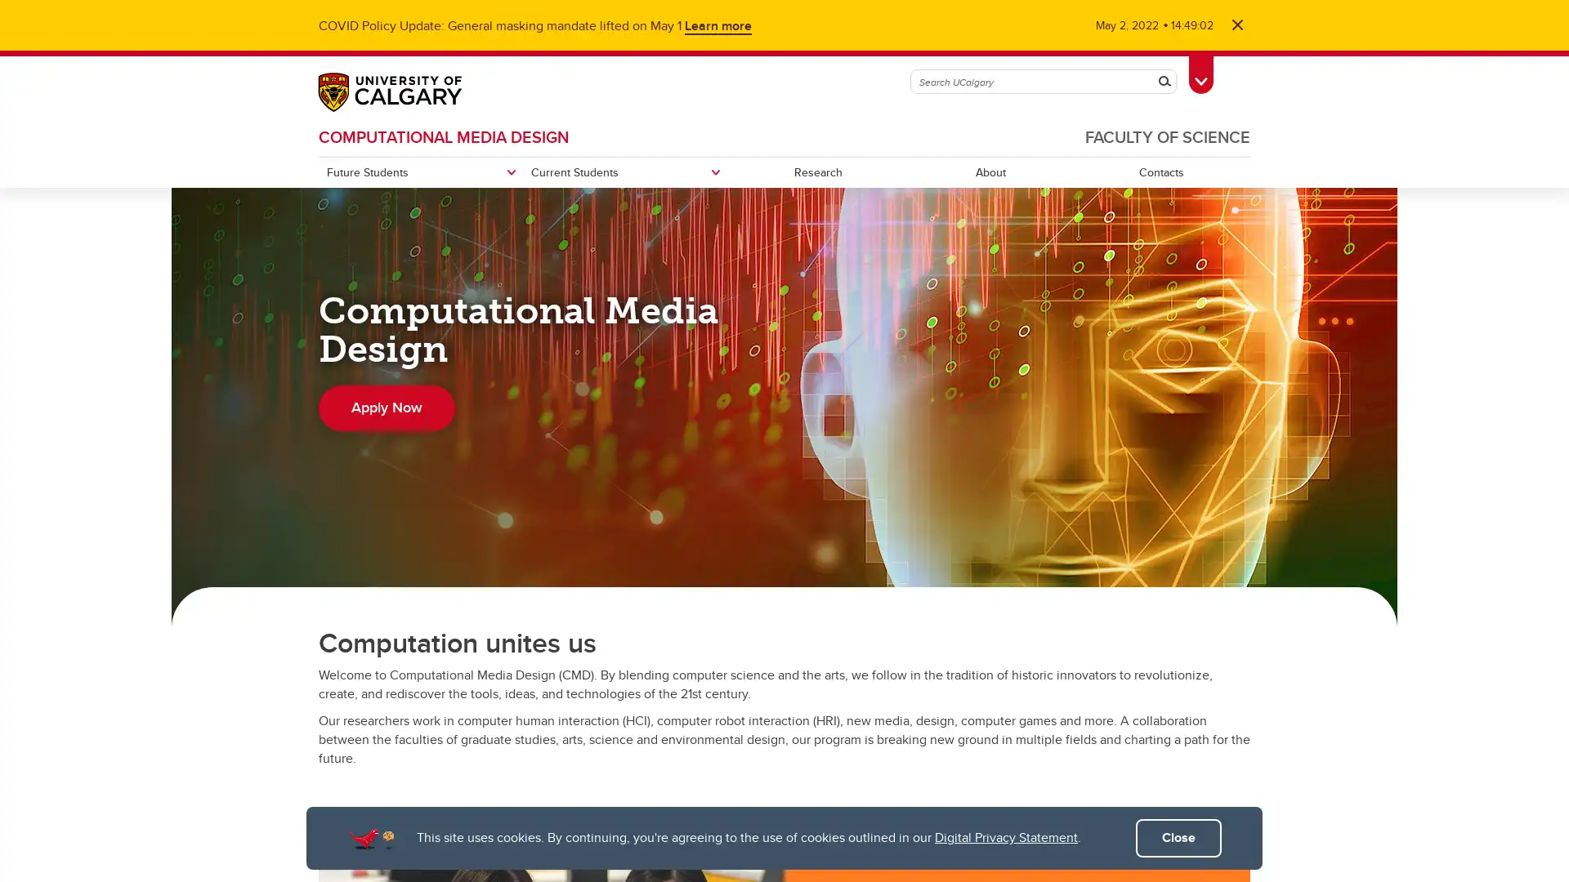  What do you see at coordinates (1164, 82) in the screenshot?
I see `Search` at bounding box center [1164, 82].